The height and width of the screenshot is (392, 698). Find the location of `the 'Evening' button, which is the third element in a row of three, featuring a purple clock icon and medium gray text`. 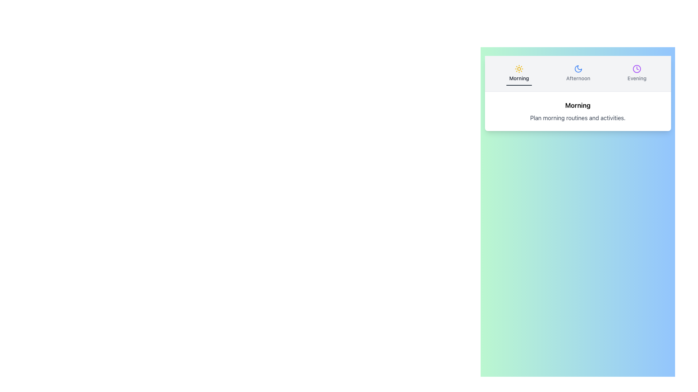

the 'Evening' button, which is the third element in a row of three, featuring a purple clock icon and medium gray text is located at coordinates (637, 74).